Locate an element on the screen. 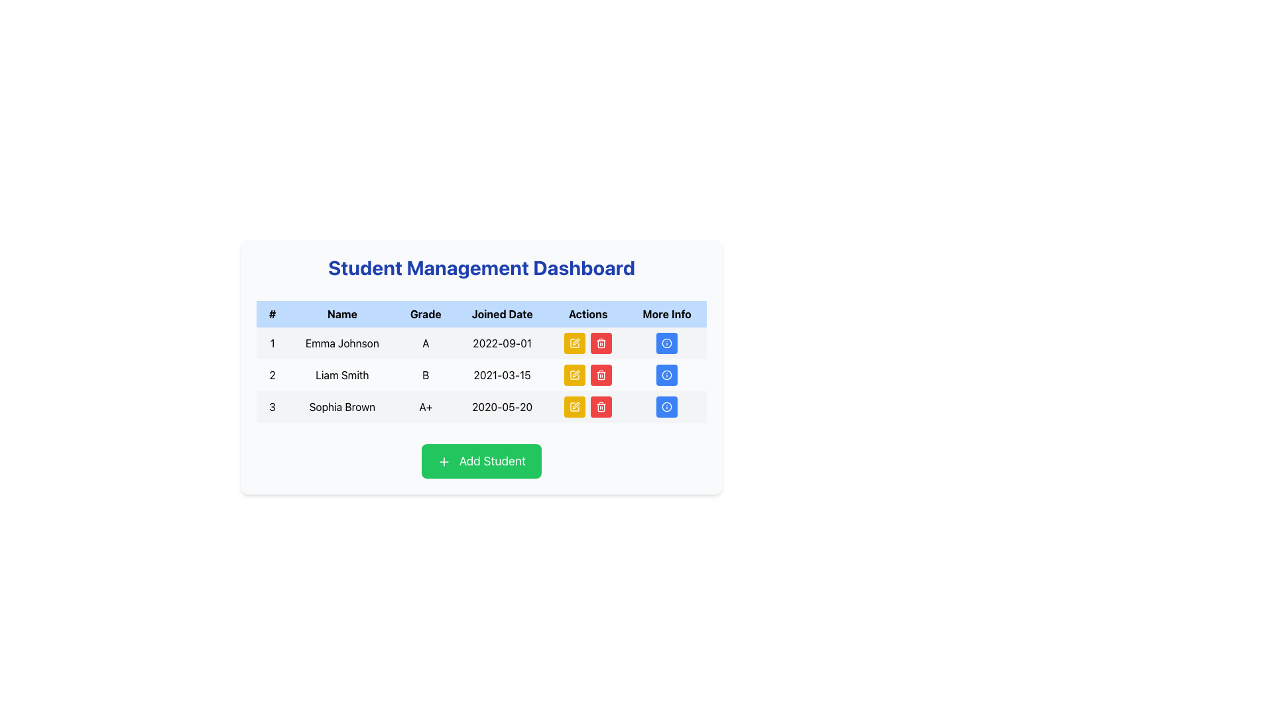 This screenshot has height=716, width=1273. the 'Name' column header in the table, which is the second column header located between the '#' header and the 'Grade' header is located at coordinates (342, 314).